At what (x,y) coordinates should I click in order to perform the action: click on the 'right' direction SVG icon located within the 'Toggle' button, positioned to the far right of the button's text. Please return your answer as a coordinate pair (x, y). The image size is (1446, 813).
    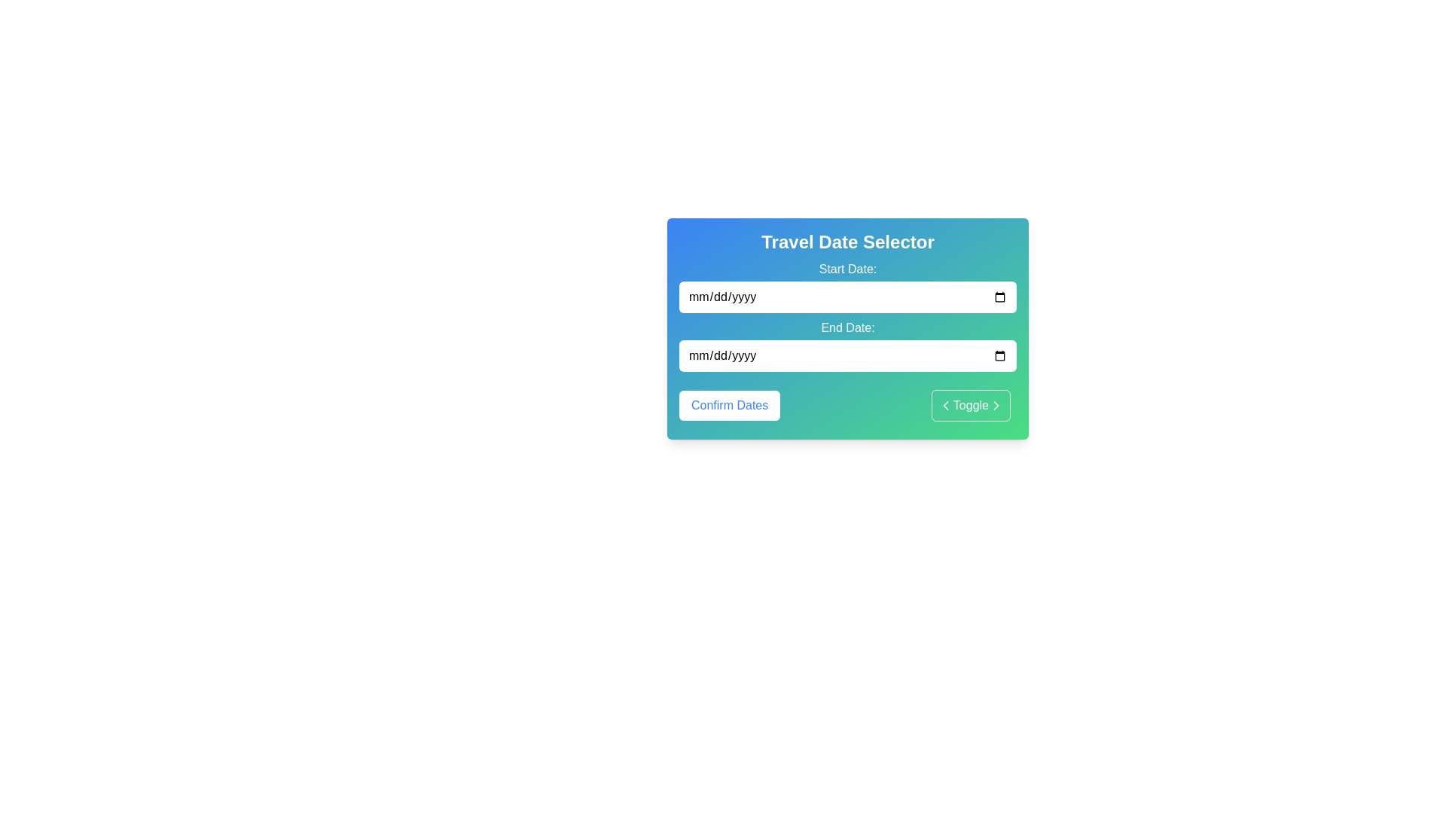
    Looking at the image, I should click on (996, 405).